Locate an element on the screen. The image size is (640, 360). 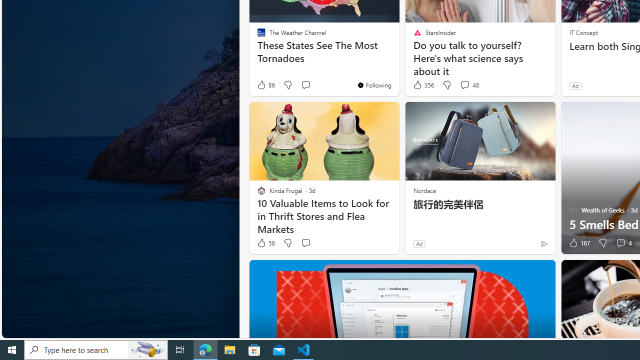
'View comments 4 Comment' is located at coordinates (620, 243).